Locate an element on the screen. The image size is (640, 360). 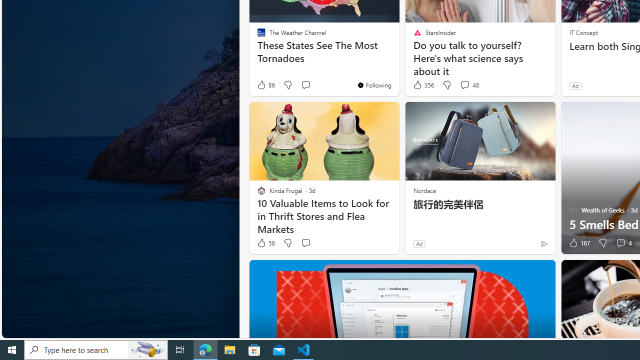
'View comments 4 Comment' is located at coordinates (620, 243).